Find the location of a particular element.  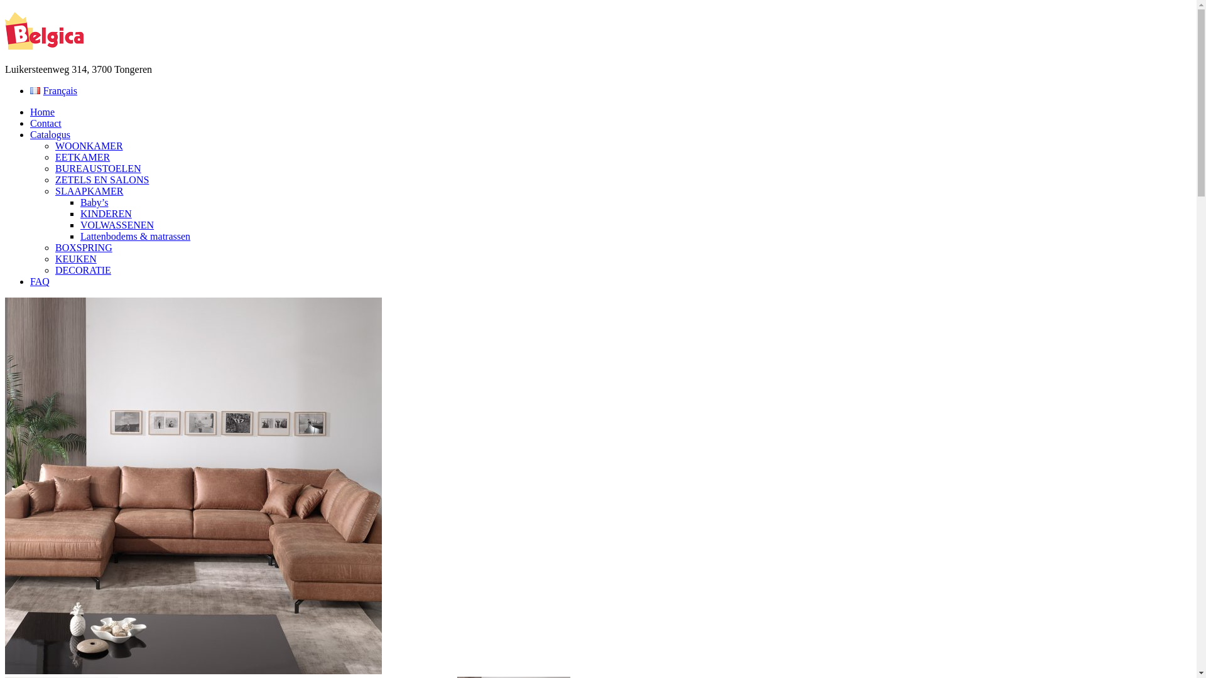

'BUREAUSTOELEN' is located at coordinates (97, 168).